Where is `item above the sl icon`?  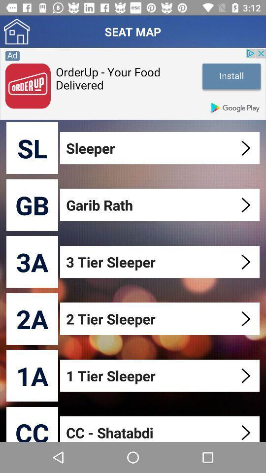
item above the sl icon is located at coordinates (133, 83).